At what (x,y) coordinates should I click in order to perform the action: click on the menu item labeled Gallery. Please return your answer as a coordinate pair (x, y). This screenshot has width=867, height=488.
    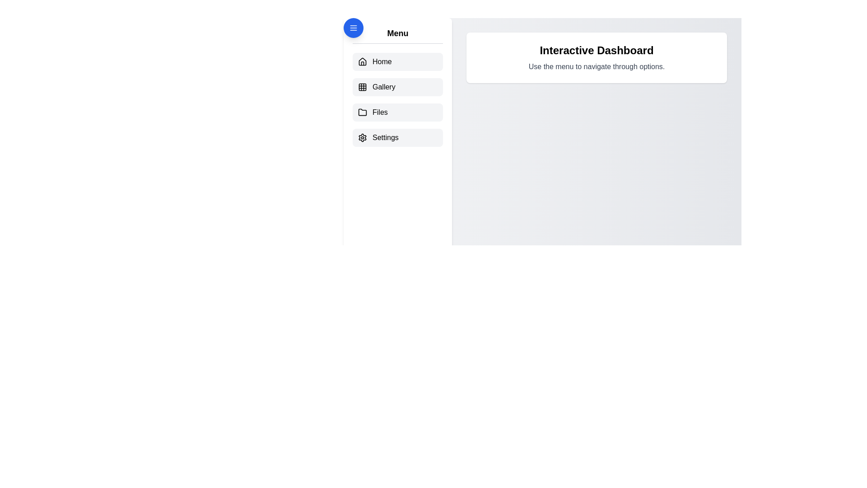
    Looking at the image, I should click on (397, 87).